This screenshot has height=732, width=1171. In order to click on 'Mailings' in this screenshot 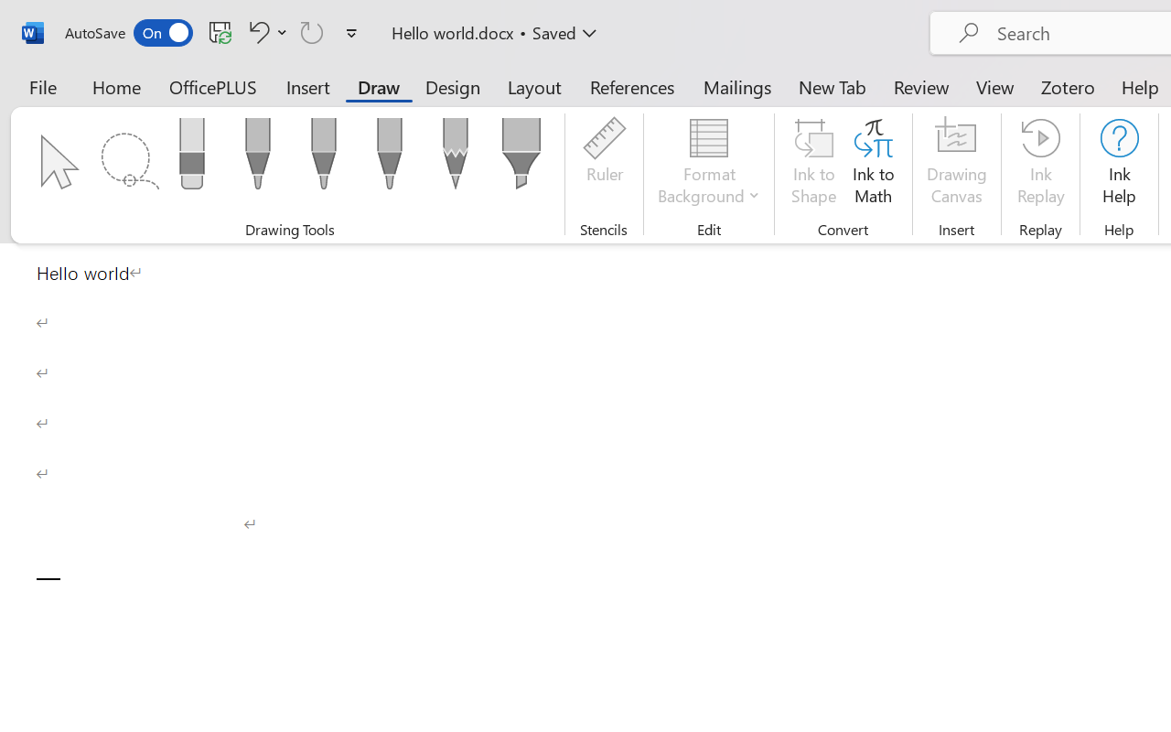, I will do `click(737, 86)`.